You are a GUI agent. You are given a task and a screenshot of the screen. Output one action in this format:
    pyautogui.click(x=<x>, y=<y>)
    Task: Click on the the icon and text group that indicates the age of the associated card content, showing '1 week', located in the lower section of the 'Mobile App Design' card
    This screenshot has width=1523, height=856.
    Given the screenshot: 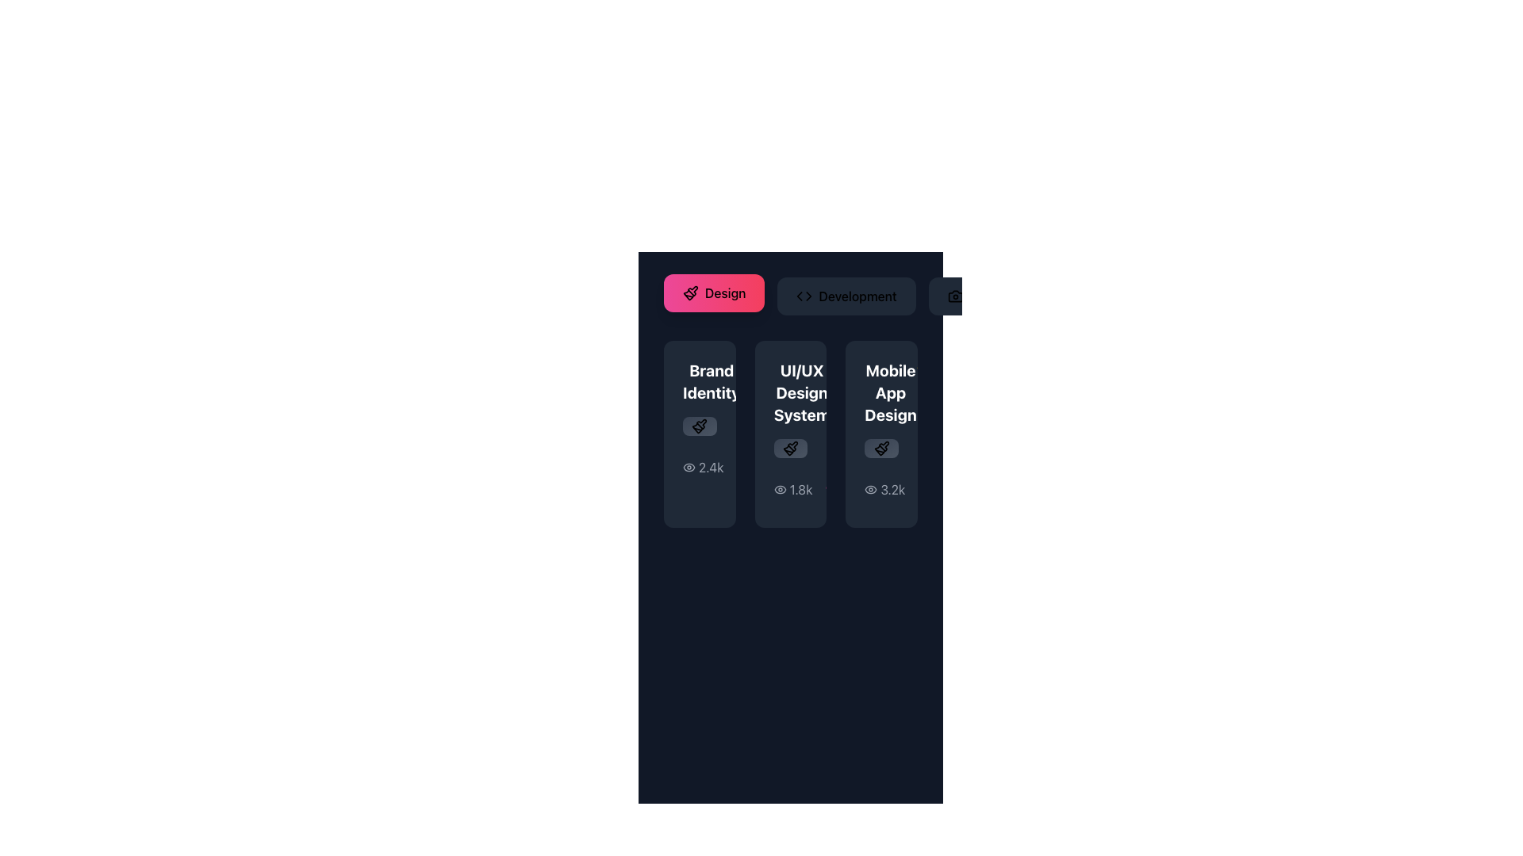 What is the action you would take?
    pyautogui.click(x=886, y=488)
    